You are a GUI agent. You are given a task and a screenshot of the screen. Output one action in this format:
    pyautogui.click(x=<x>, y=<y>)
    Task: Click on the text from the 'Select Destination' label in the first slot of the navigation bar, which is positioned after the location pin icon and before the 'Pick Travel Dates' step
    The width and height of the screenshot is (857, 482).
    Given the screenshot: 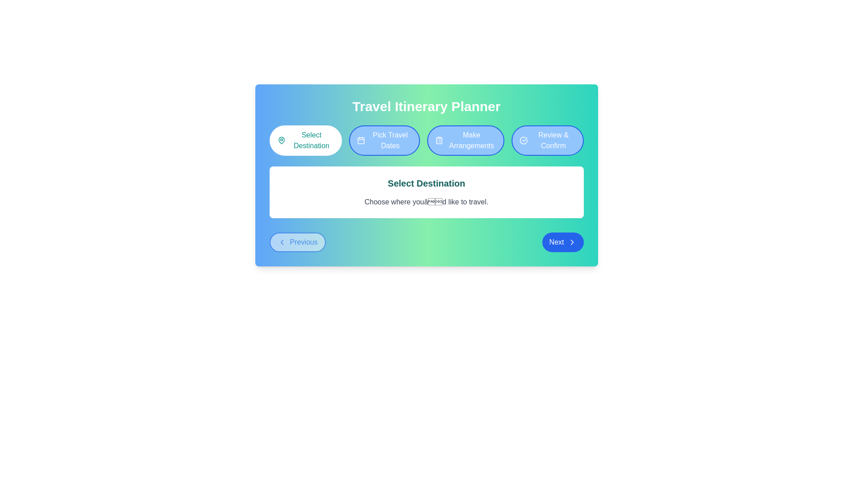 What is the action you would take?
    pyautogui.click(x=311, y=141)
    